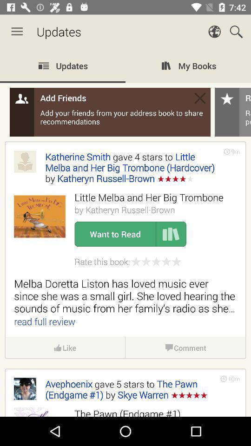 This screenshot has width=251, height=446. I want to click on the item next to the rate this book: icon, so click(156, 262).